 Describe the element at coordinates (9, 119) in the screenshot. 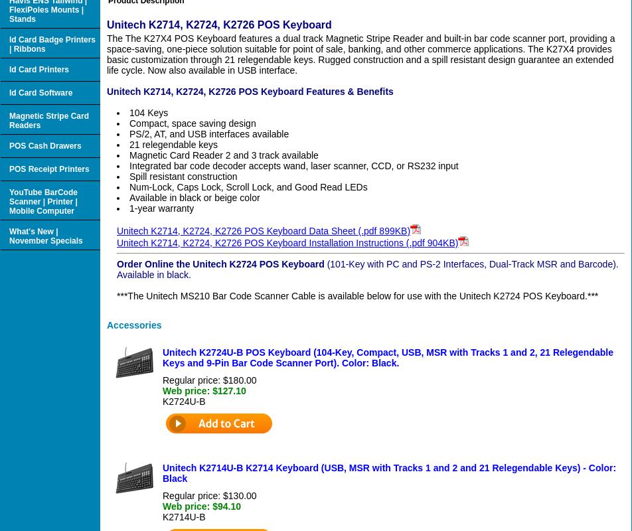

I see `'Magnetic Stripe Card Readers'` at that location.